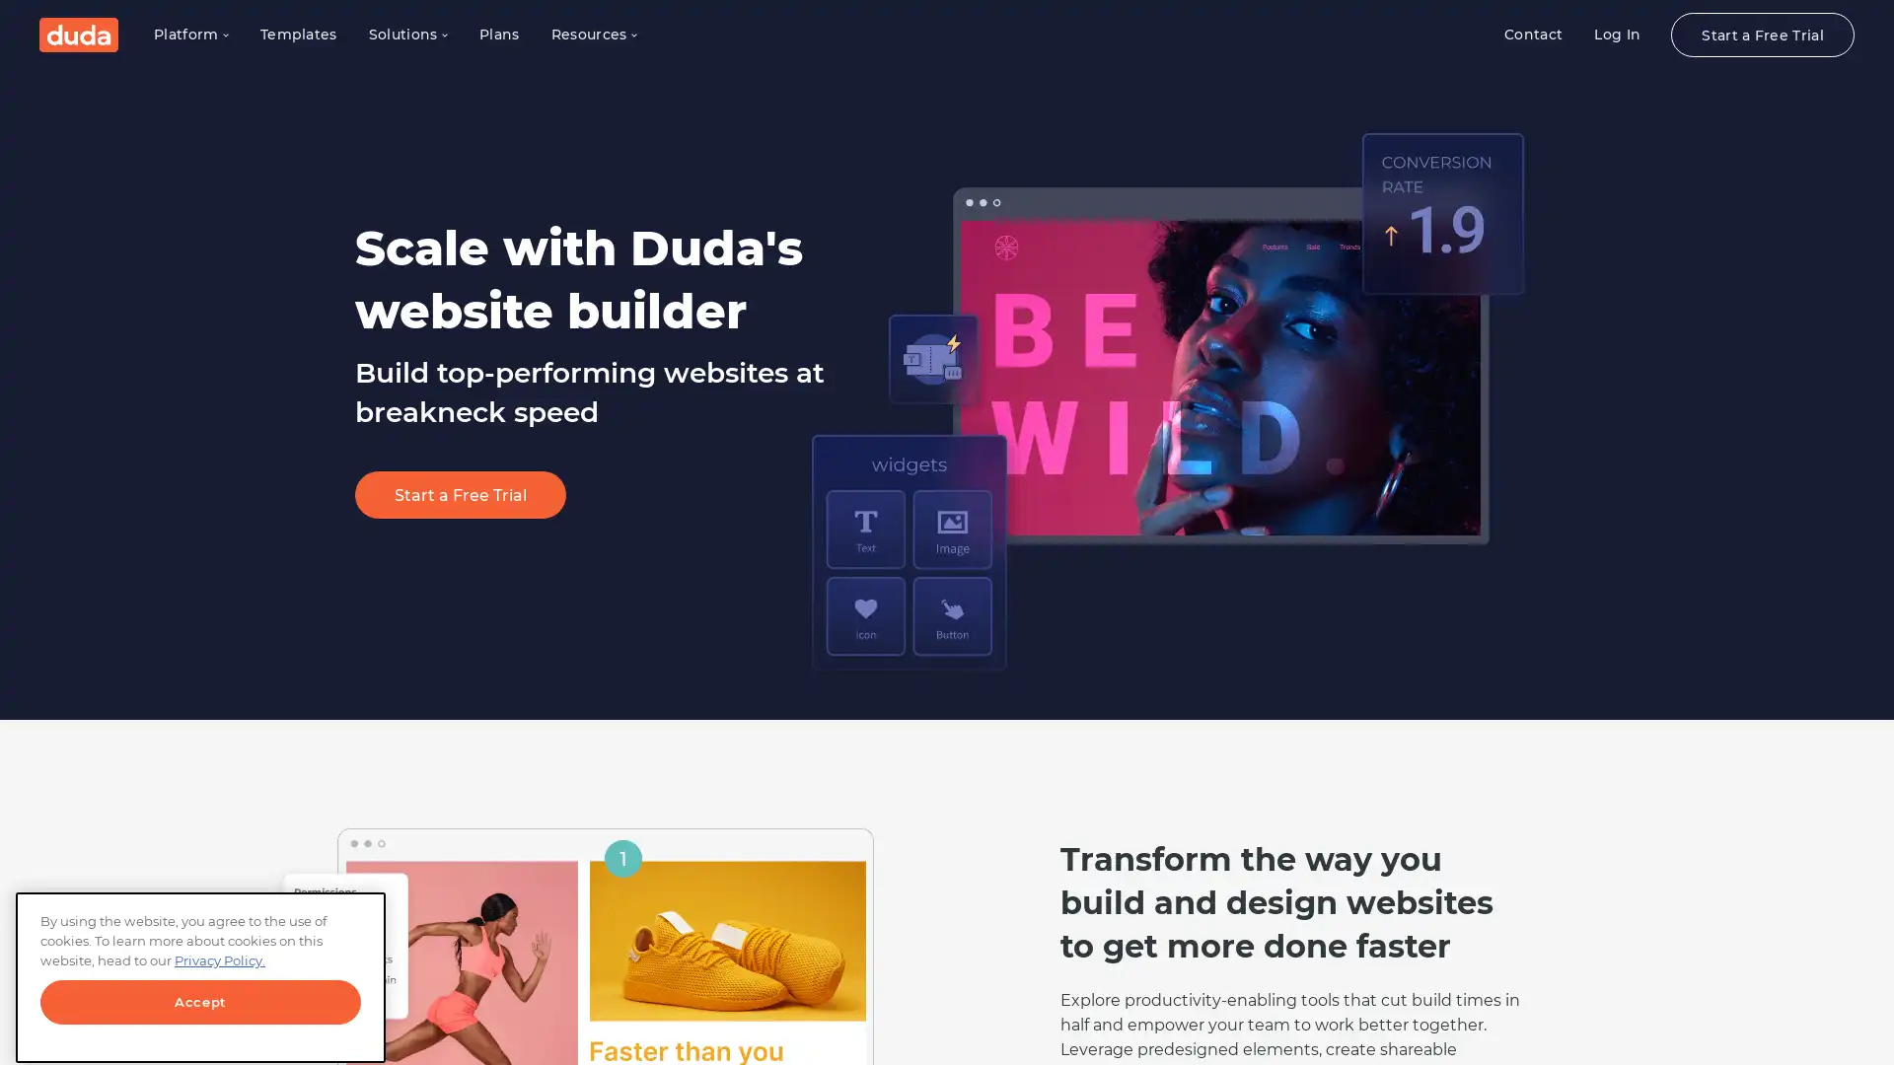  I want to click on Accept, so click(200, 988).